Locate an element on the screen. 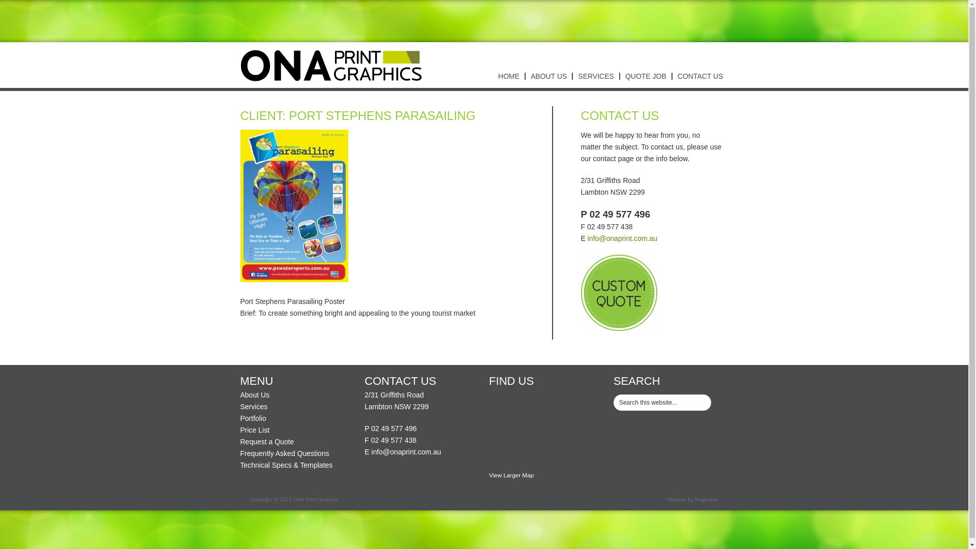 This screenshot has width=976, height=549. 'Services' is located at coordinates (254, 406).